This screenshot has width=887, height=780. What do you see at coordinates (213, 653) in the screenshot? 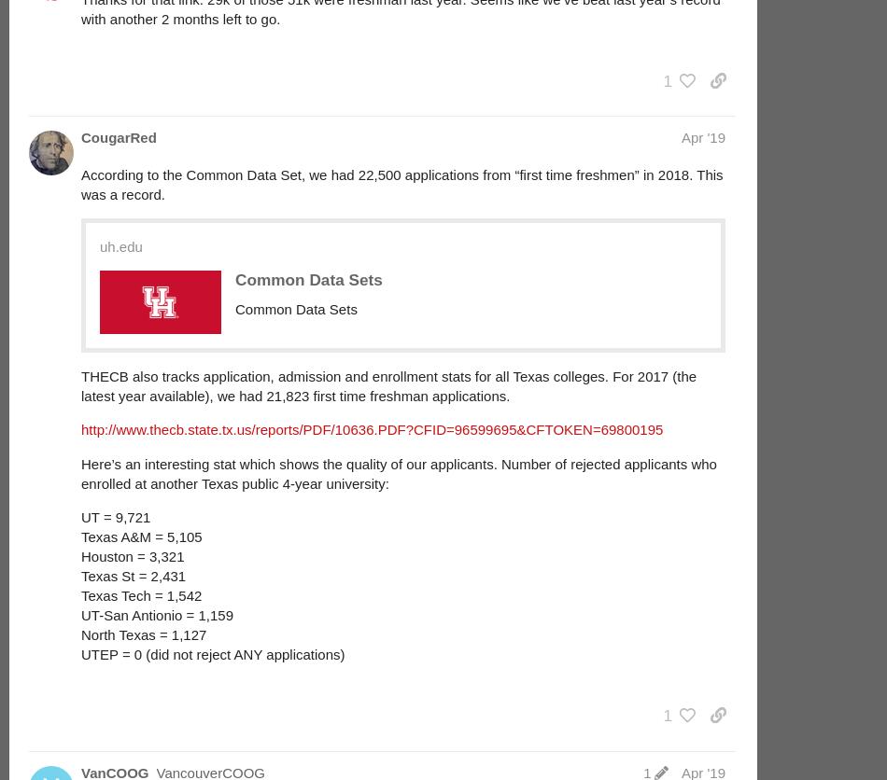
I see `'UTEP = 0 (did not reject ANY applications)'` at bounding box center [213, 653].